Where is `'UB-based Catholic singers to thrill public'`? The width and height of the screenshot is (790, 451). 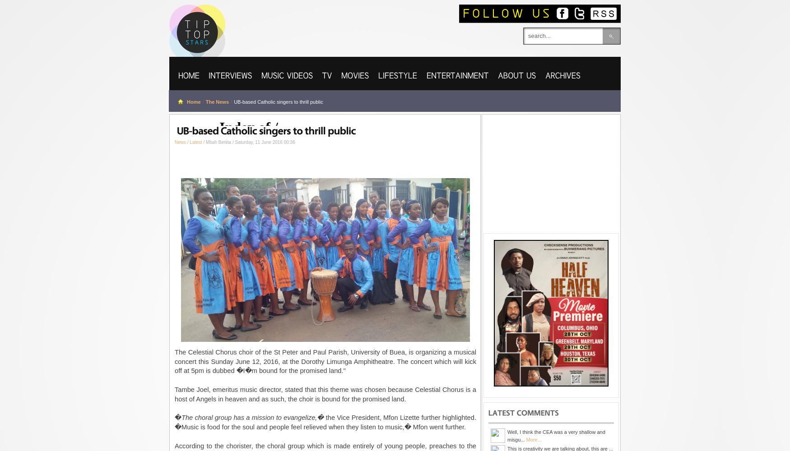 'UB-based Catholic singers to thrill public' is located at coordinates (277, 101).